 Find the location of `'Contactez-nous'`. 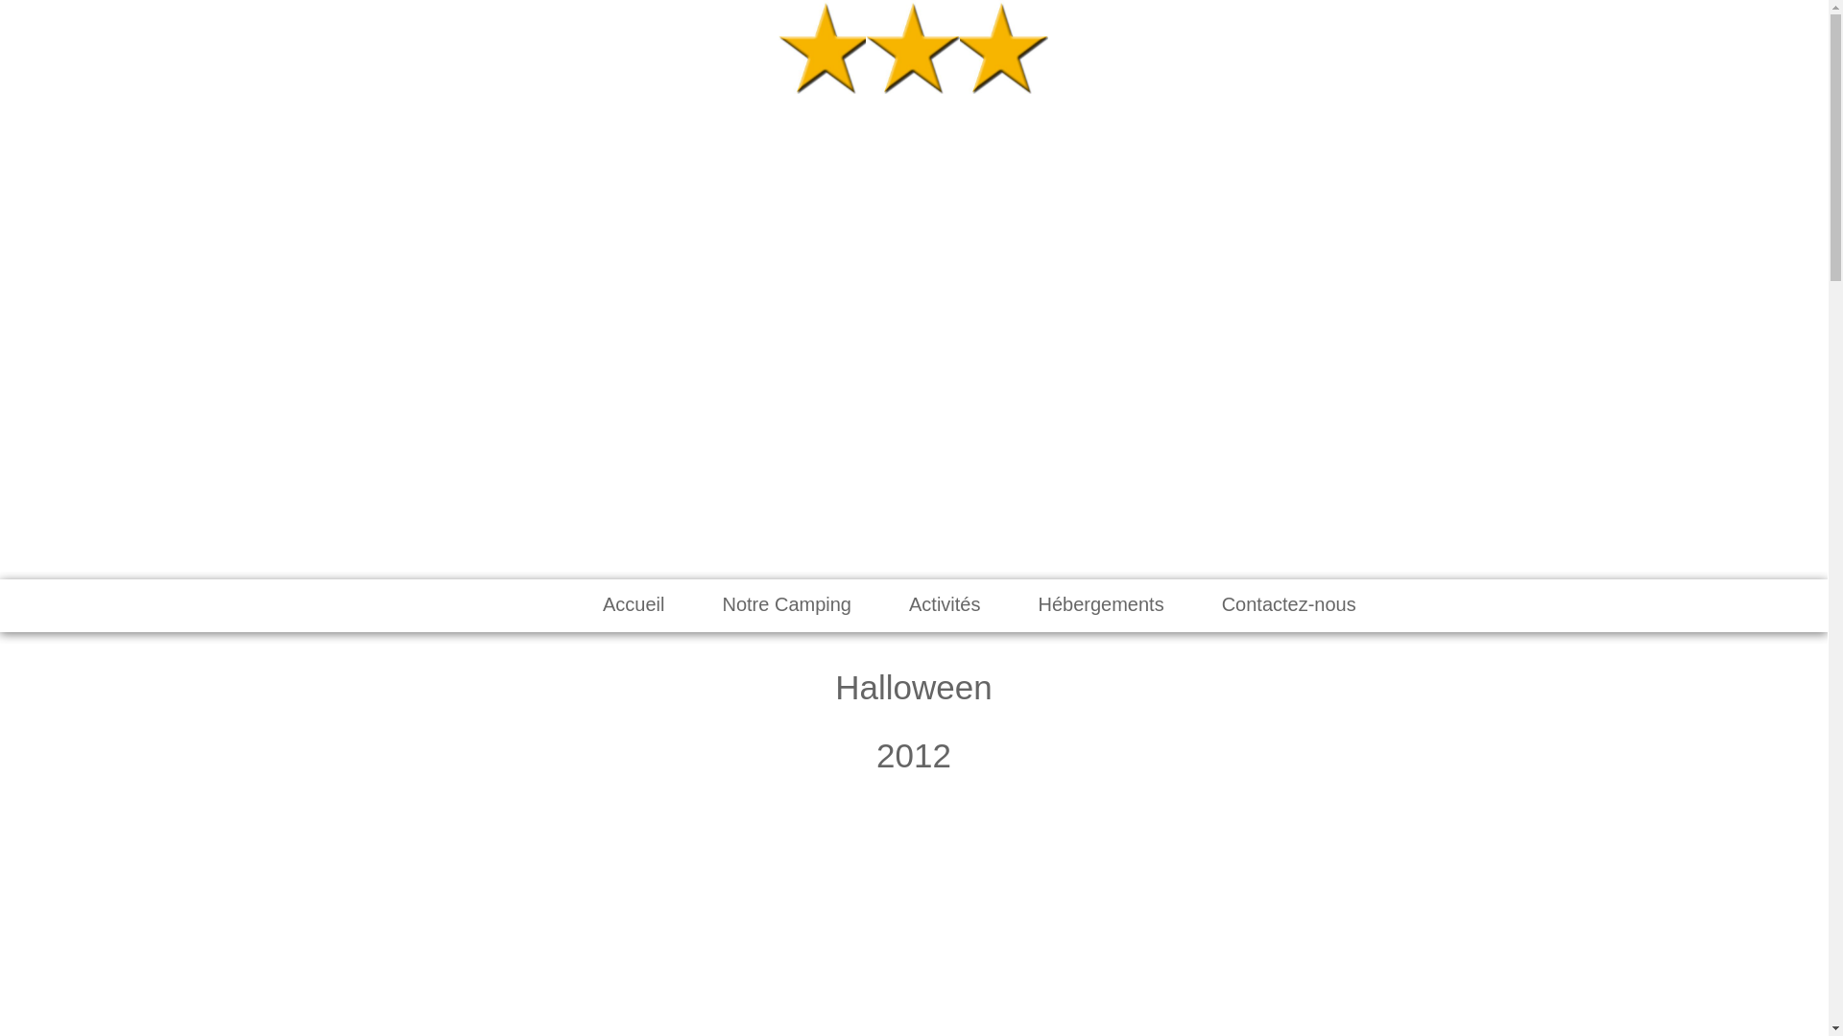

'Contactez-nous' is located at coordinates (1289, 604).